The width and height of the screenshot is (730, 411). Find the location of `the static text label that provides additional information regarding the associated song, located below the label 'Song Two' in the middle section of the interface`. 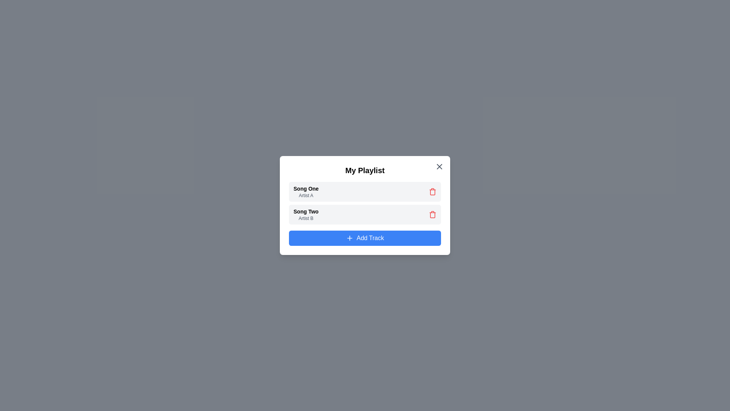

the static text label that provides additional information regarding the associated song, located below the label 'Song Two' in the middle section of the interface is located at coordinates (306, 218).